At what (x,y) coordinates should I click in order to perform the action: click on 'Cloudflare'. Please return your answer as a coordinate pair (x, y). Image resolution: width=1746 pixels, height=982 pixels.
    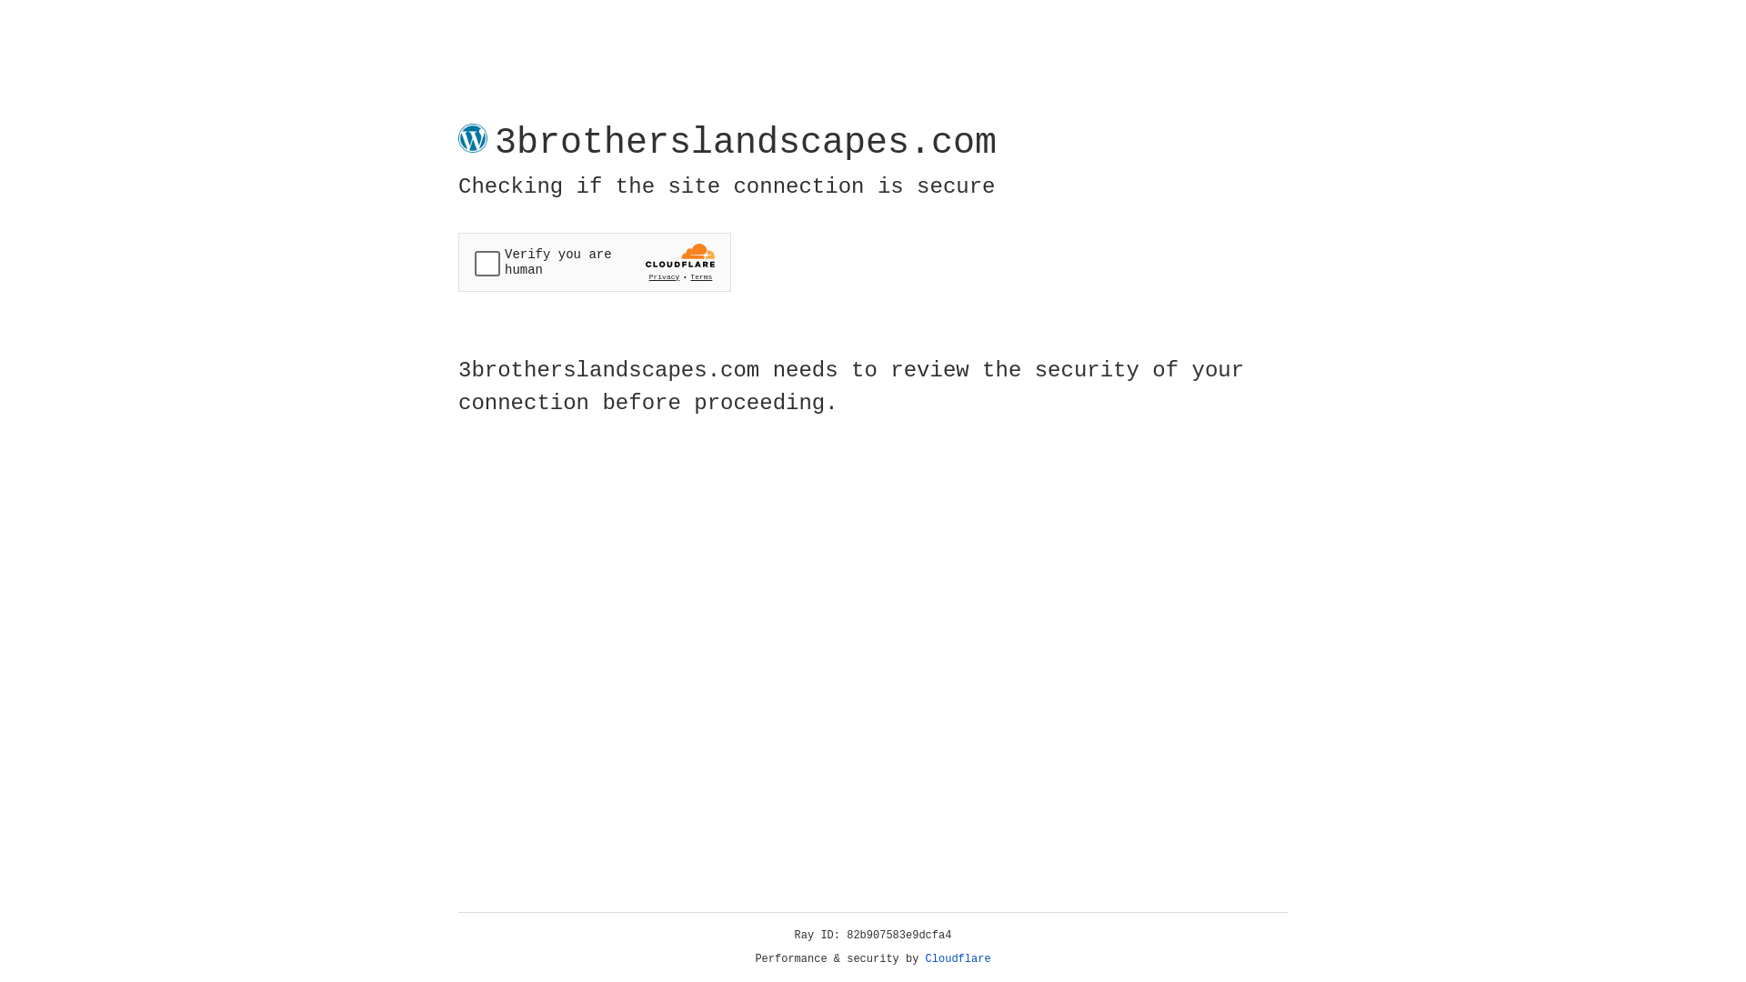
    Looking at the image, I should click on (958, 958).